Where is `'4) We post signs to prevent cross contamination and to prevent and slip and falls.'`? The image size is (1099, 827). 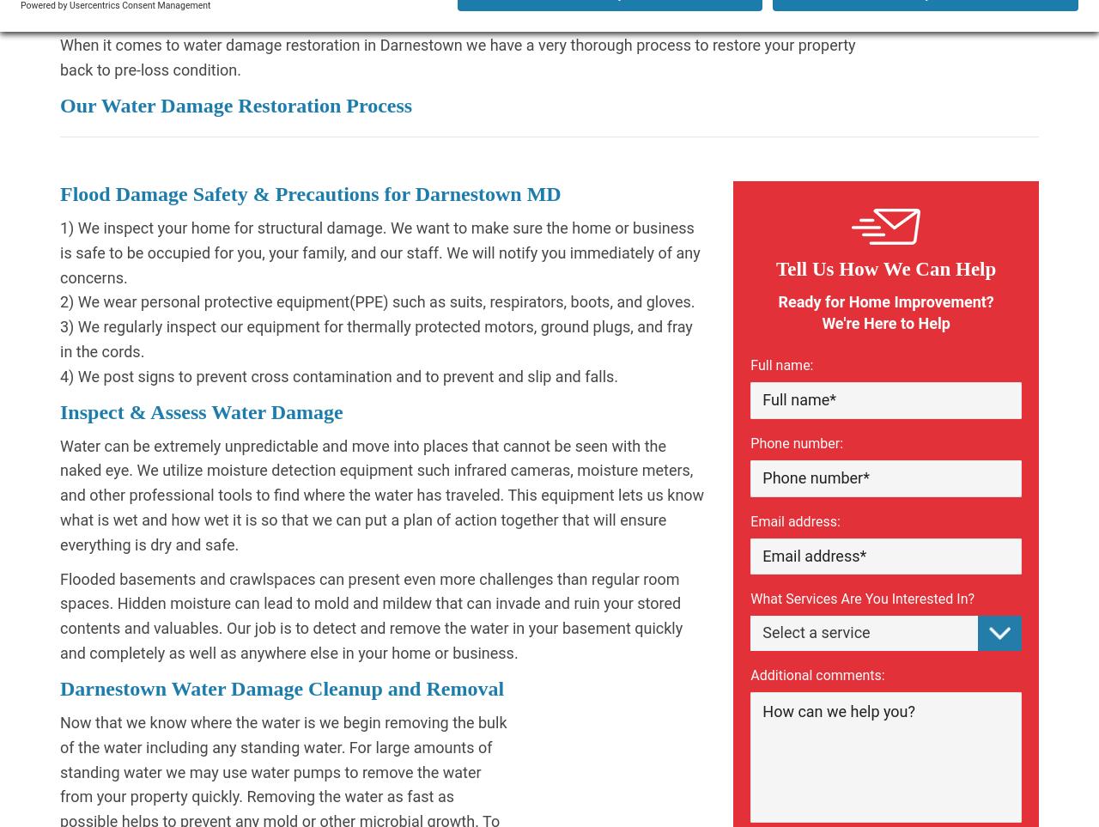 '4) We post signs to prevent cross contamination and to prevent and slip and falls.' is located at coordinates (60, 375).